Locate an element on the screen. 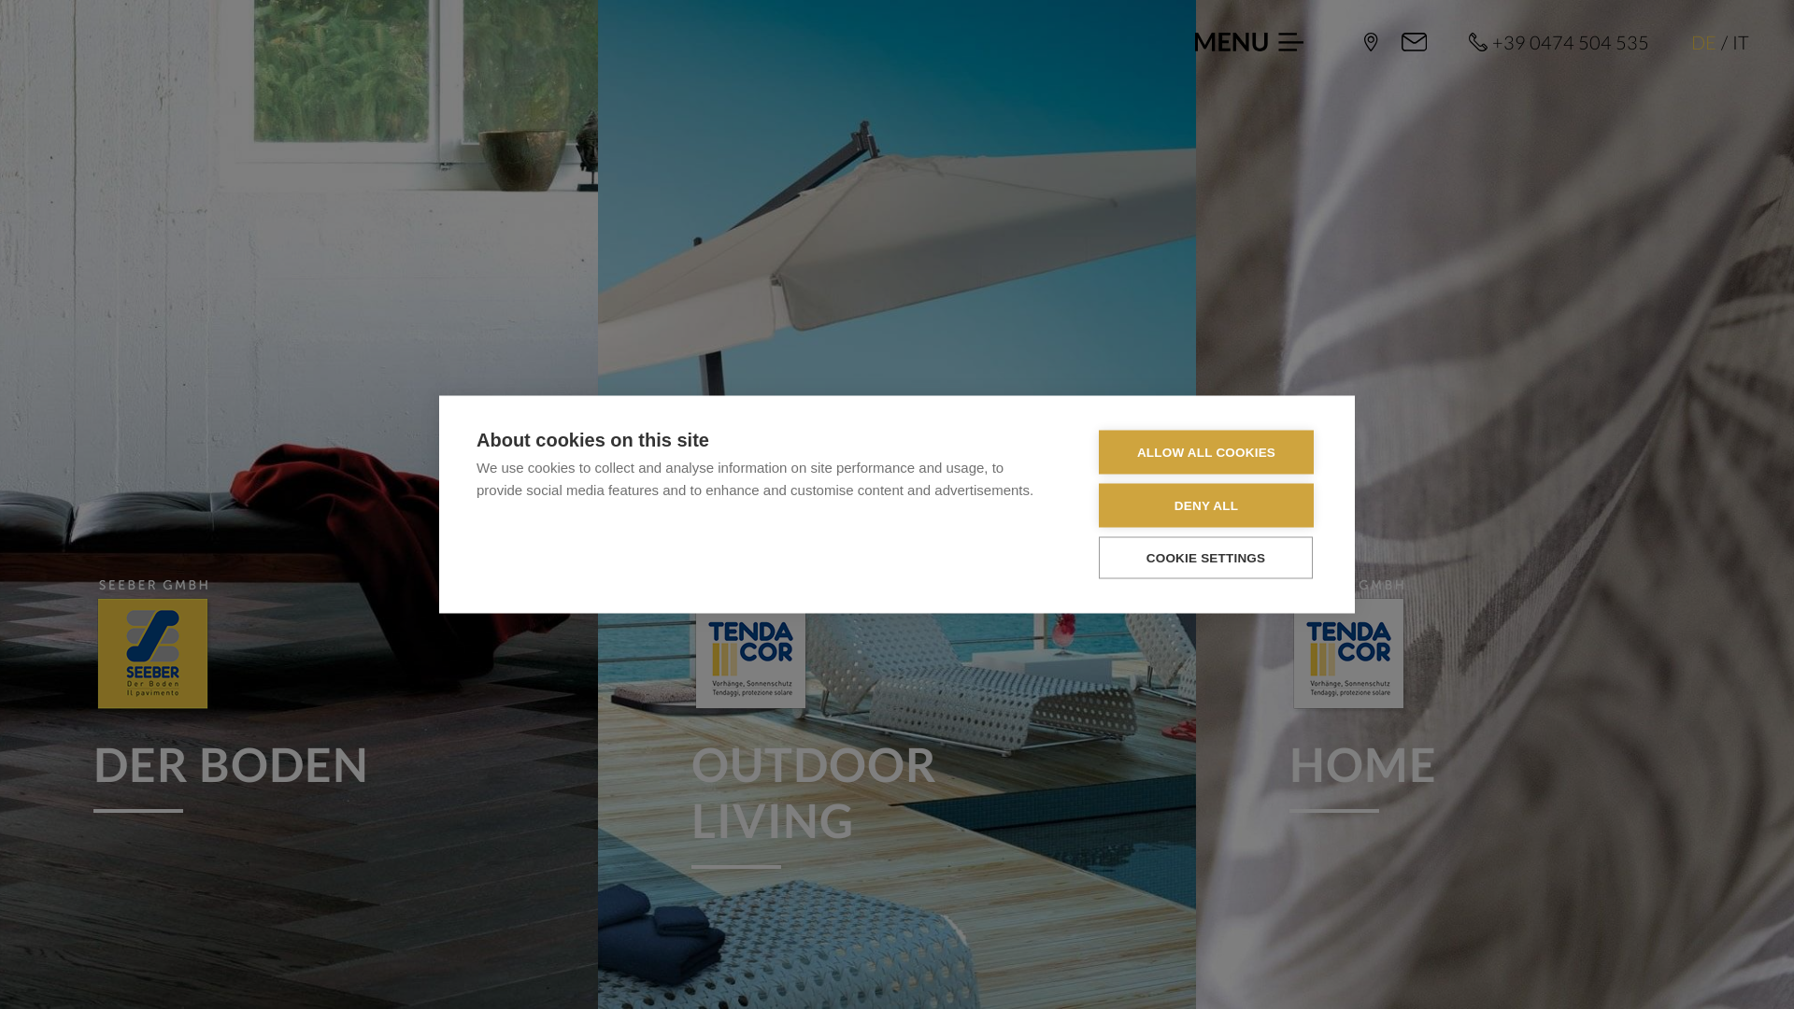 This screenshot has height=1009, width=1794. '+39 0474 504 535' is located at coordinates (1559, 42).